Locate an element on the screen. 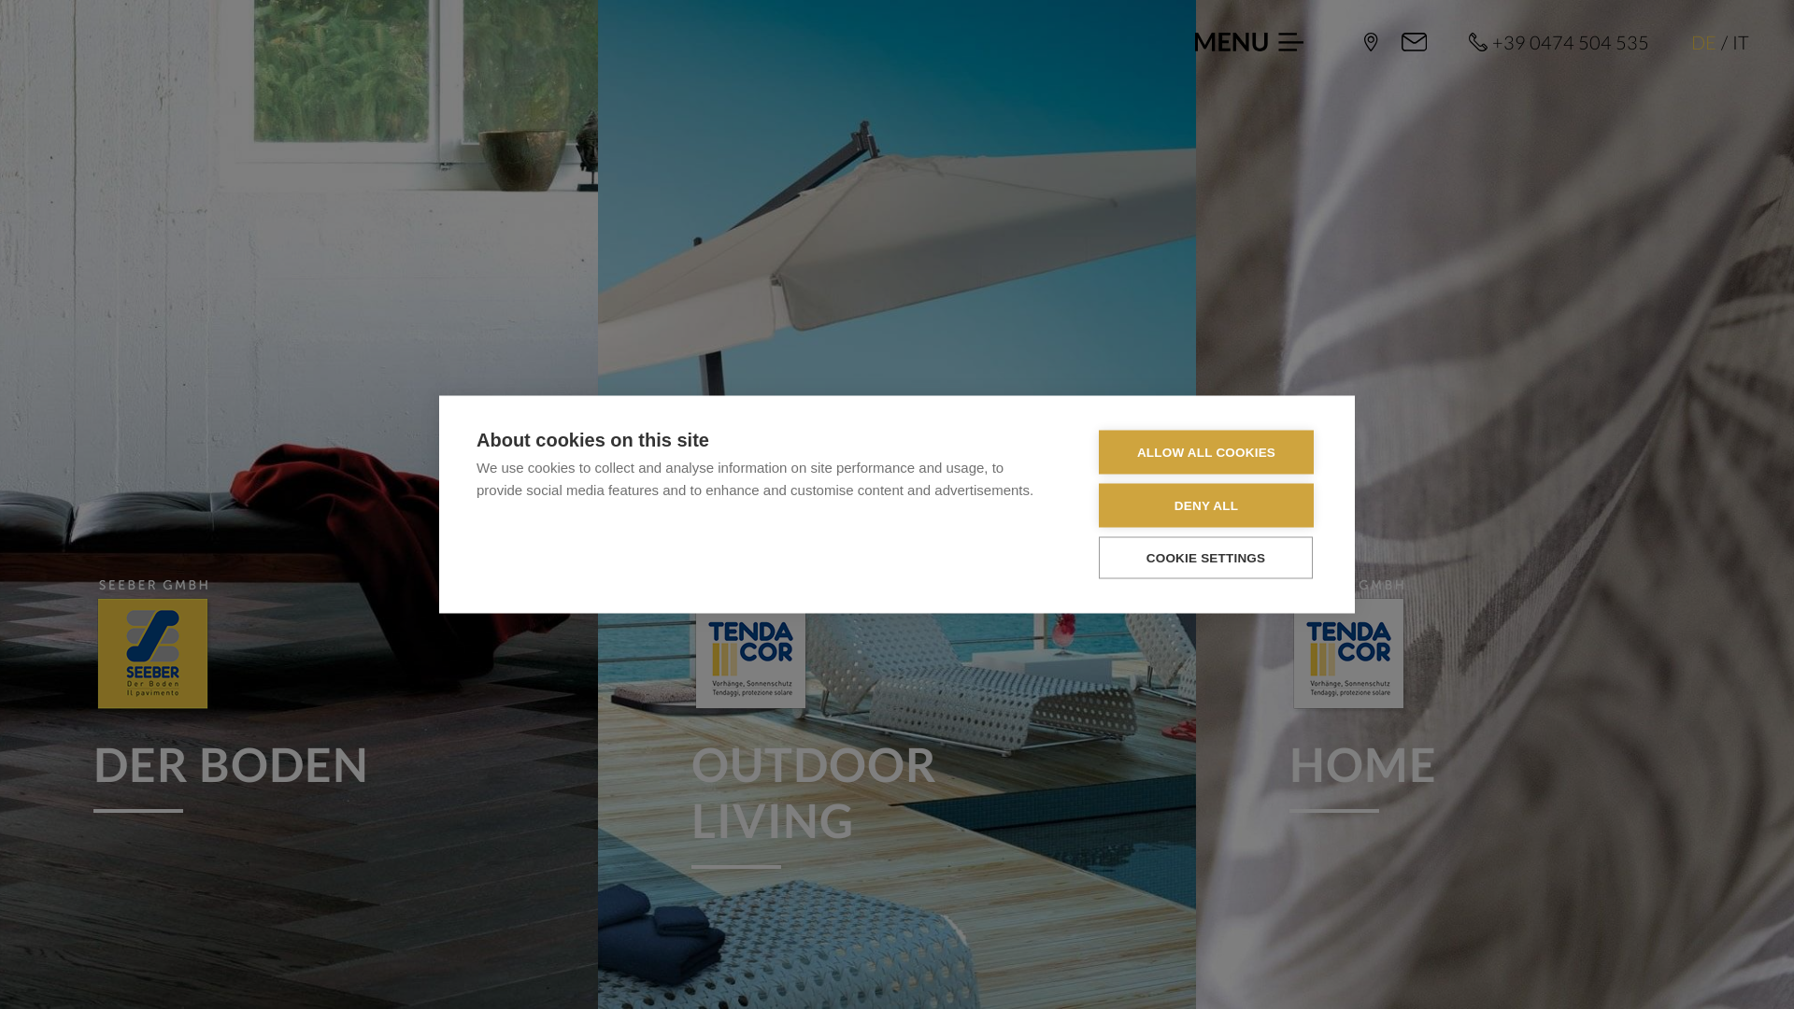 This screenshot has height=1009, width=1794. '+39 0474 504 535' is located at coordinates (1559, 42).